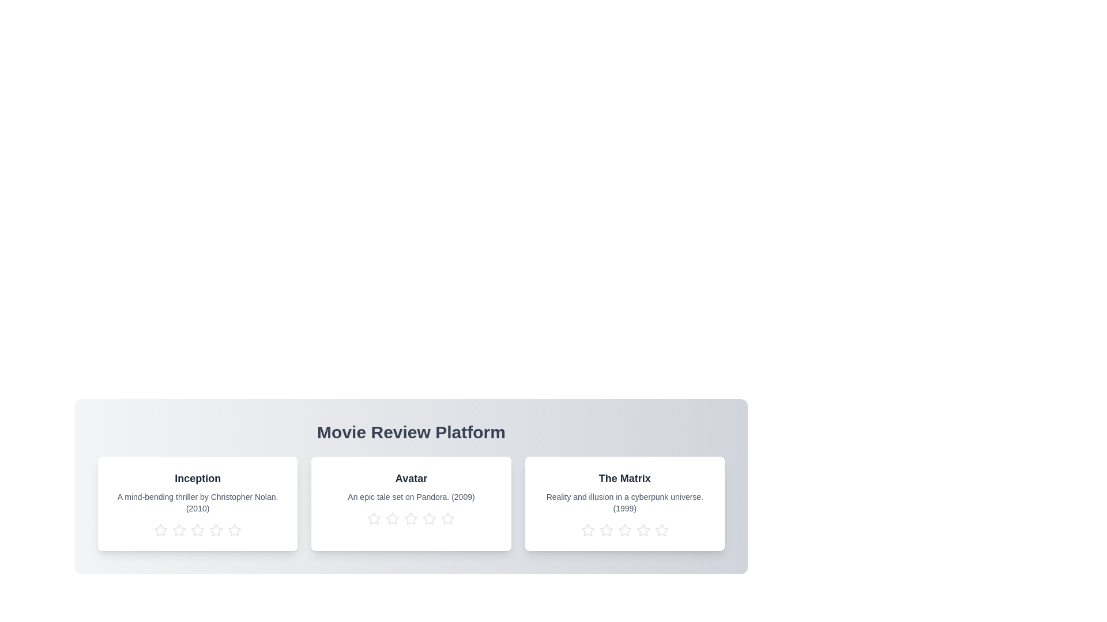 This screenshot has width=1107, height=622. Describe the element at coordinates (234, 530) in the screenshot. I see `the star corresponding to 5 stars for the movie titled Inception` at that location.